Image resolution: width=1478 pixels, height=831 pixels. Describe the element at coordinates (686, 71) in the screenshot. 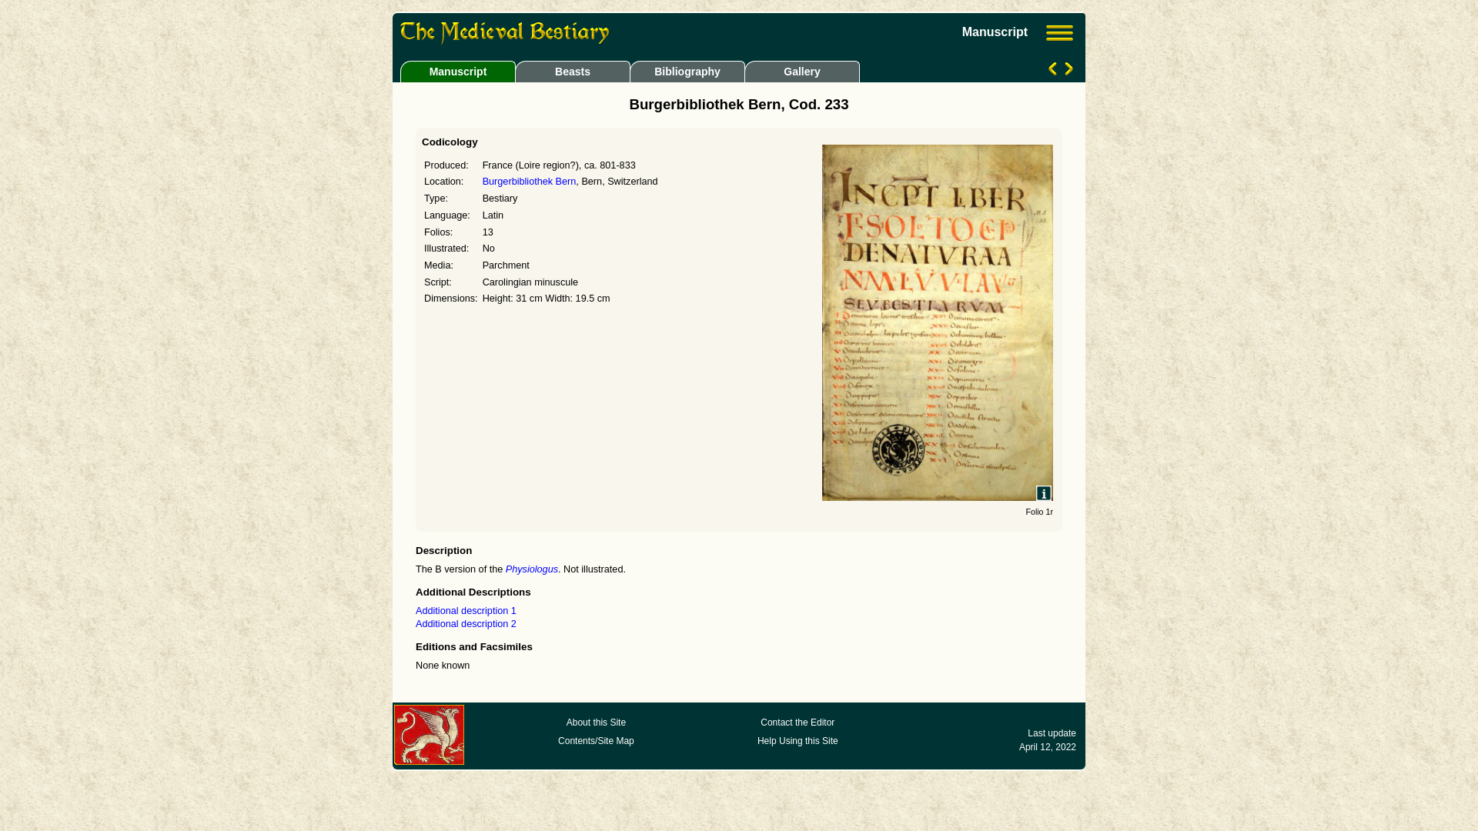

I see `'Bibliography'` at that location.